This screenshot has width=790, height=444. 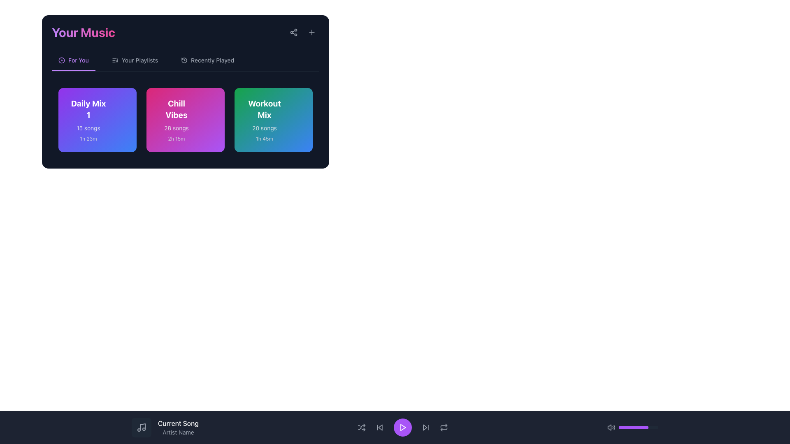 I want to click on the button with a dark background and share icon located in the upper-right corner of the card header section, so click(x=294, y=32).